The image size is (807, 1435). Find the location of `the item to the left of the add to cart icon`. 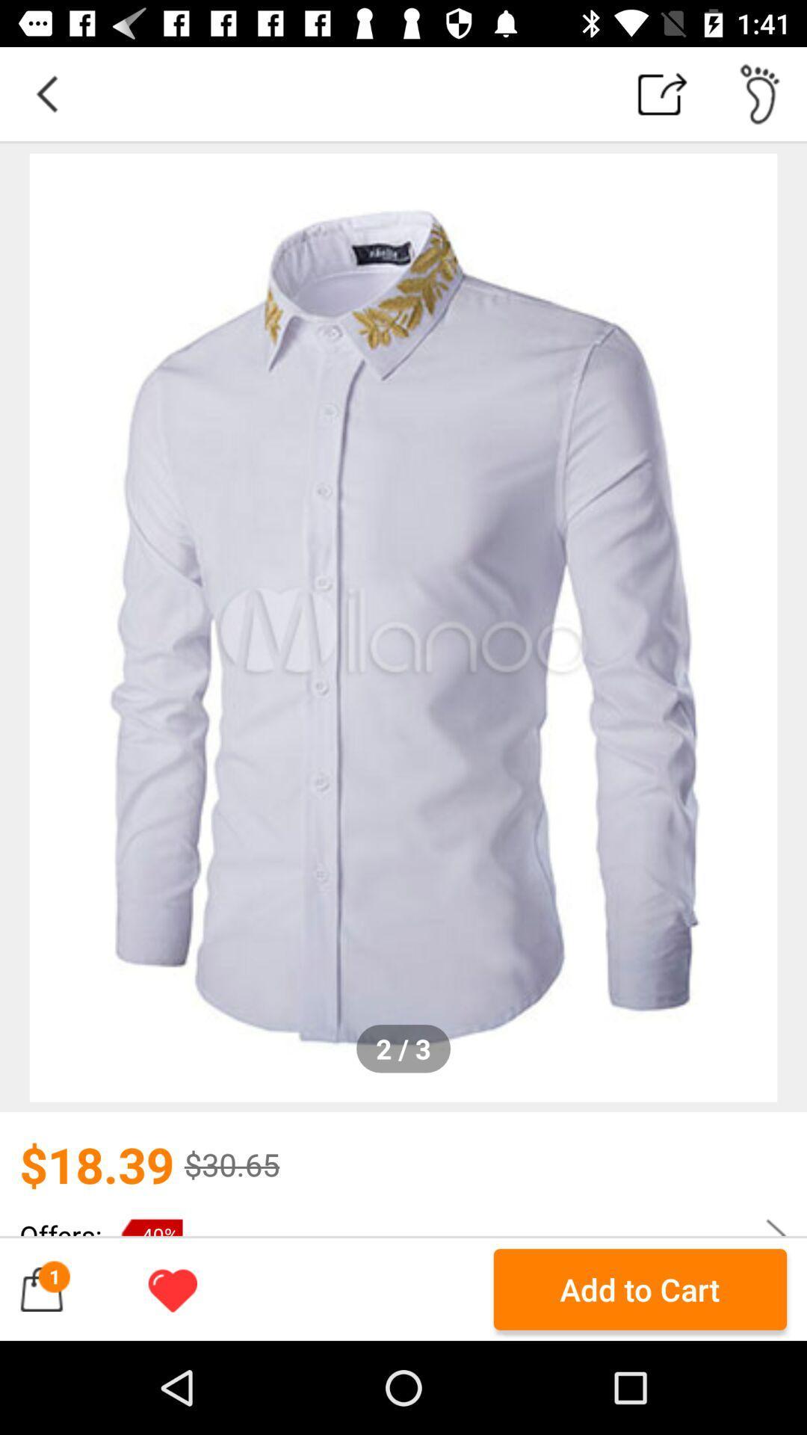

the item to the left of the add to cart icon is located at coordinates (172, 1289).